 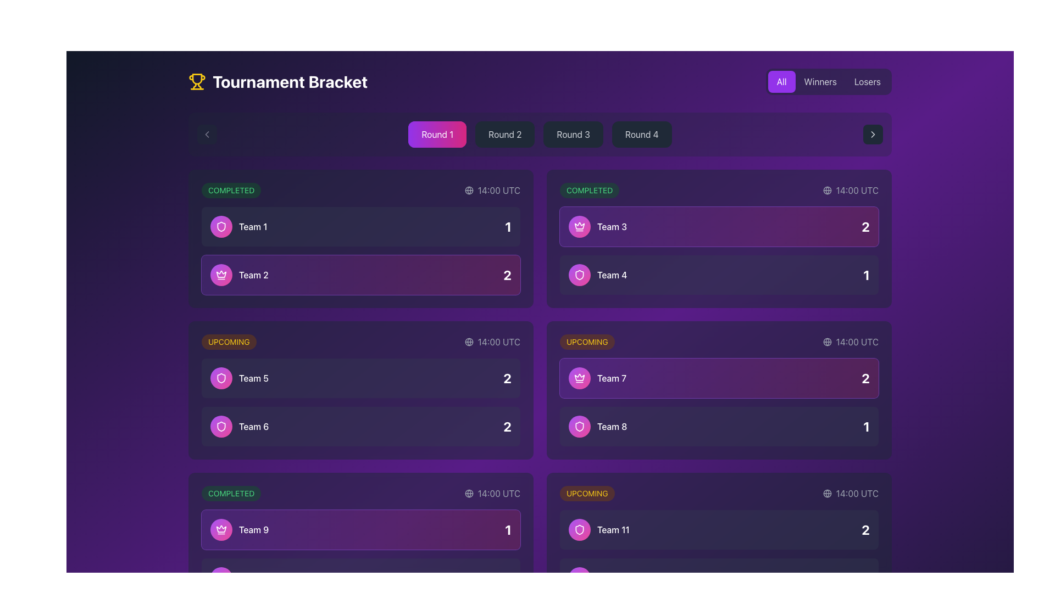 I want to click on static text label displaying '14:00 UTC', which is located on the right side within a rectangular section near a globe icon, so click(x=857, y=342).